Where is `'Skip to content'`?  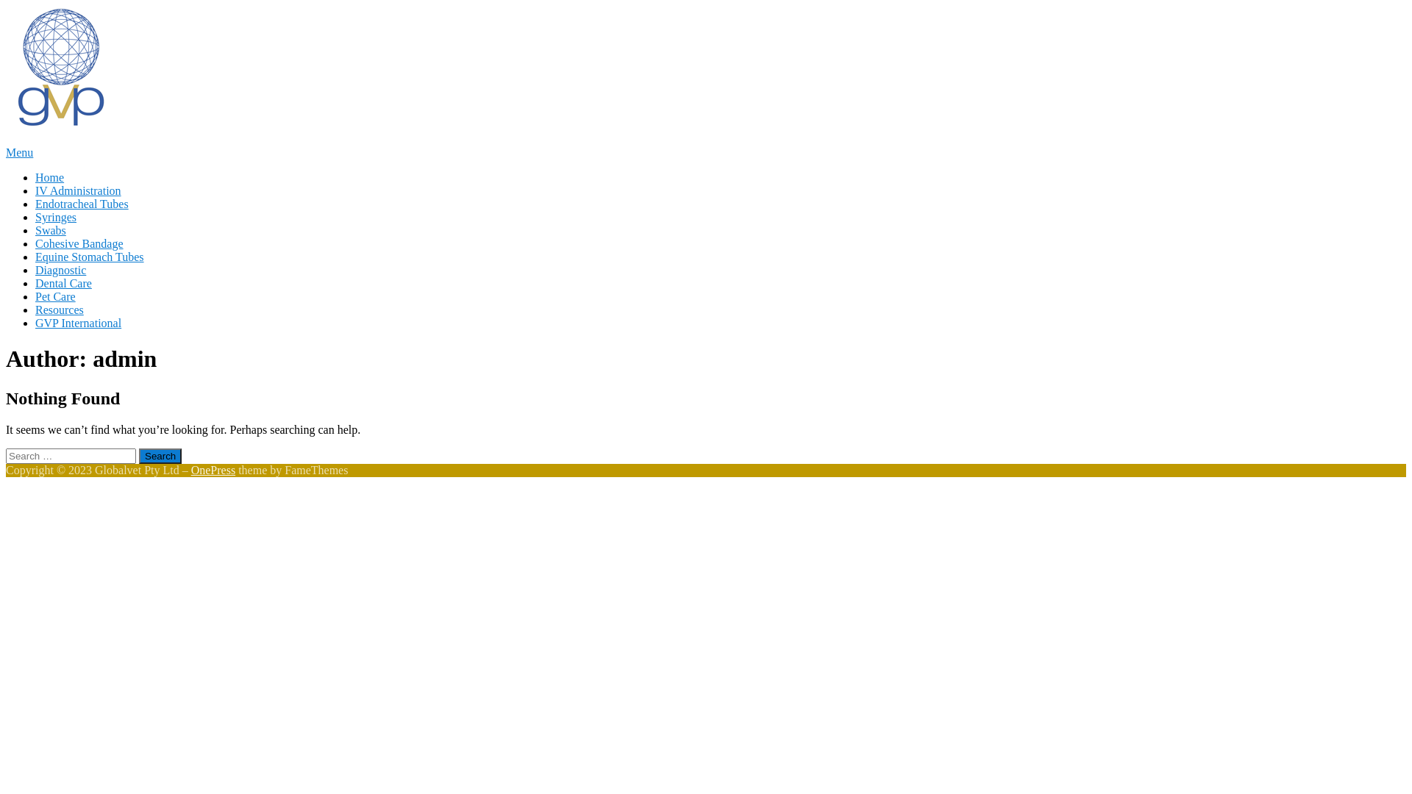 'Skip to content' is located at coordinates (5, 5).